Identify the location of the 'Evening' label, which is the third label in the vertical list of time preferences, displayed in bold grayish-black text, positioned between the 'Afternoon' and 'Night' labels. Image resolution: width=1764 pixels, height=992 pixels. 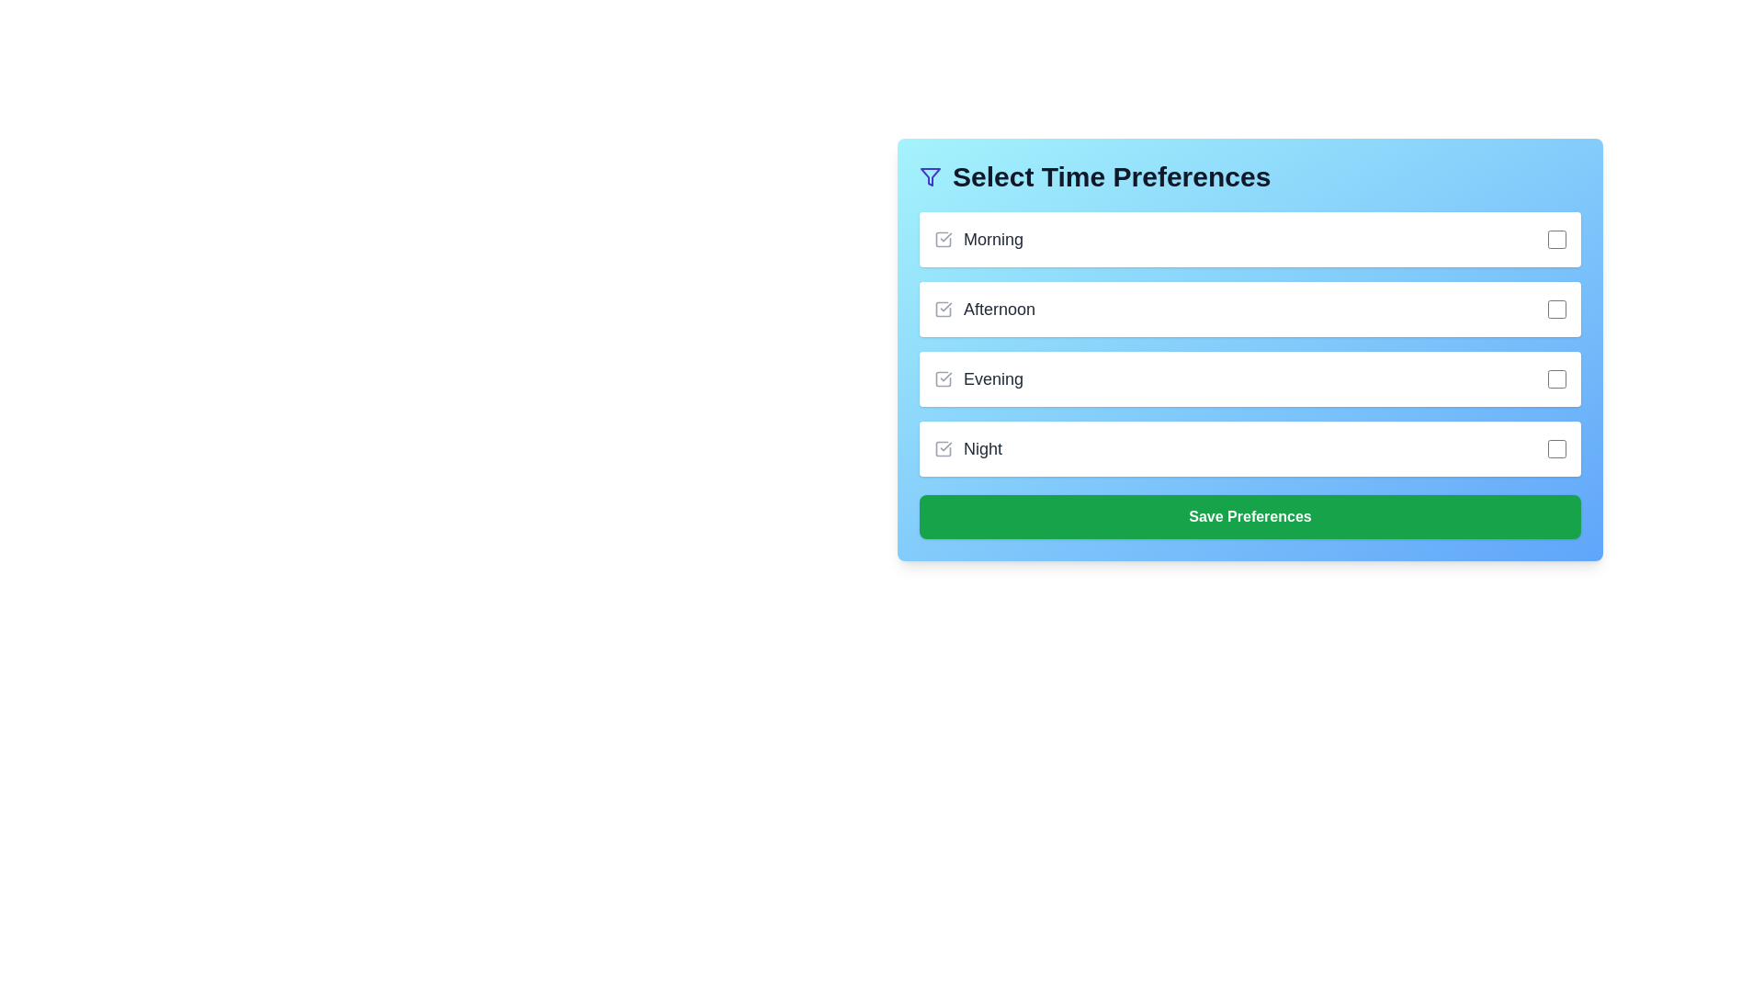
(992, 378).